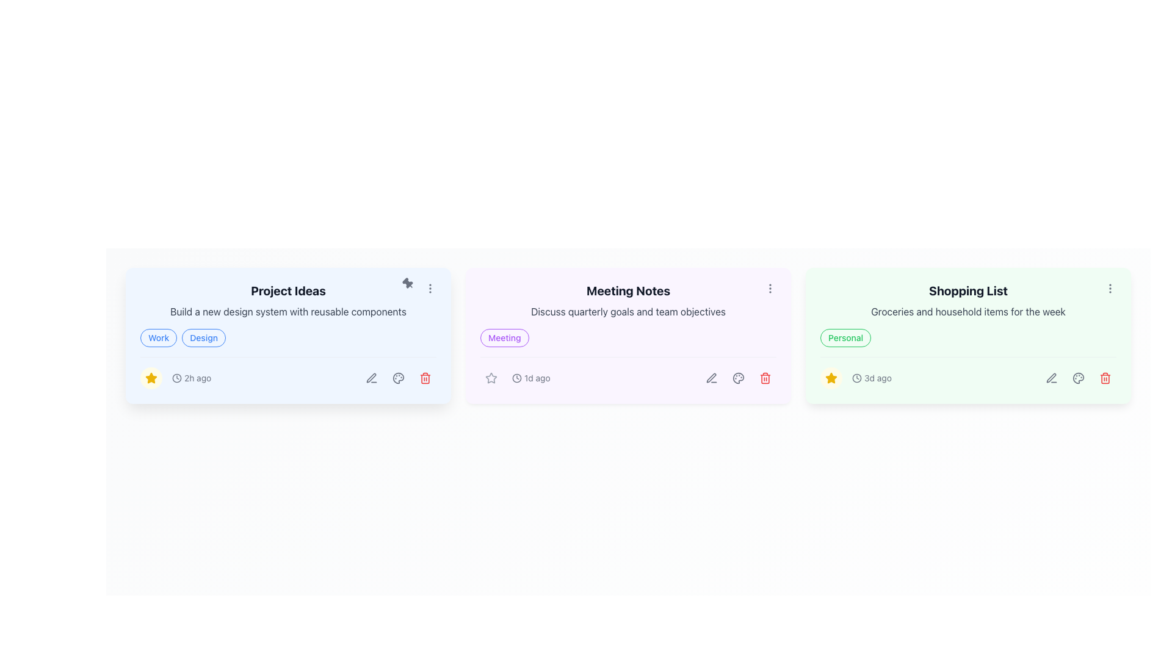 The width and height of the screenshot is (1172, 659). Describe the element at coordinates (831, 378) in the screenshot. I see `the star icon in the bottom-left corner of the 'Project Ideas' card` at that location.